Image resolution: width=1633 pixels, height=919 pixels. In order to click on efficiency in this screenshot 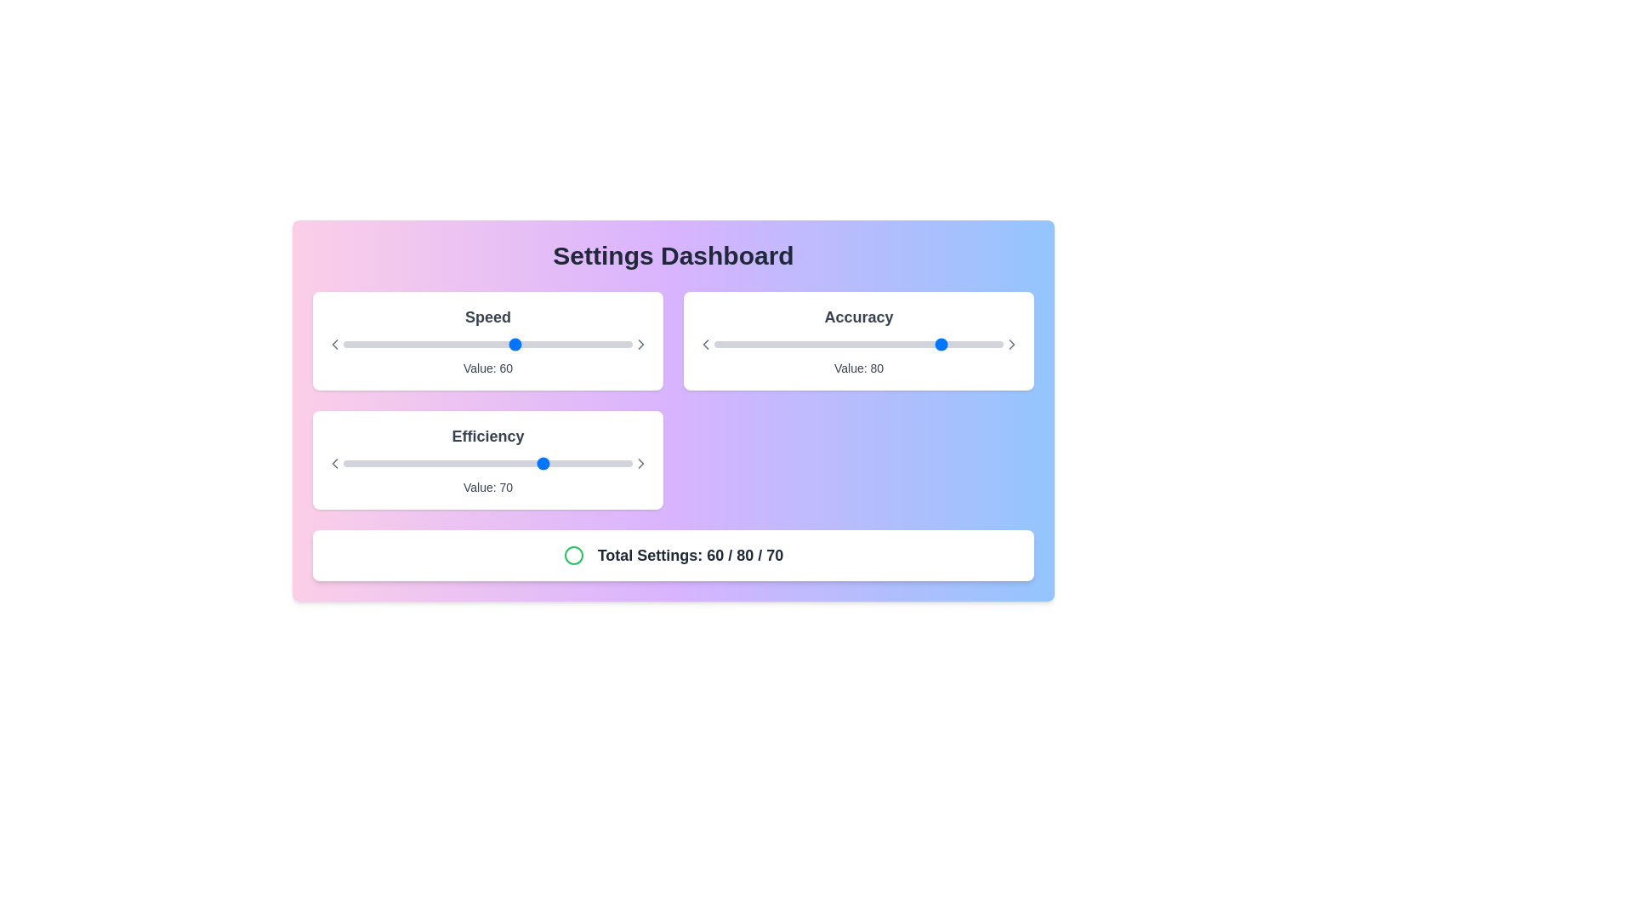, I will do `click(513, 463)`.